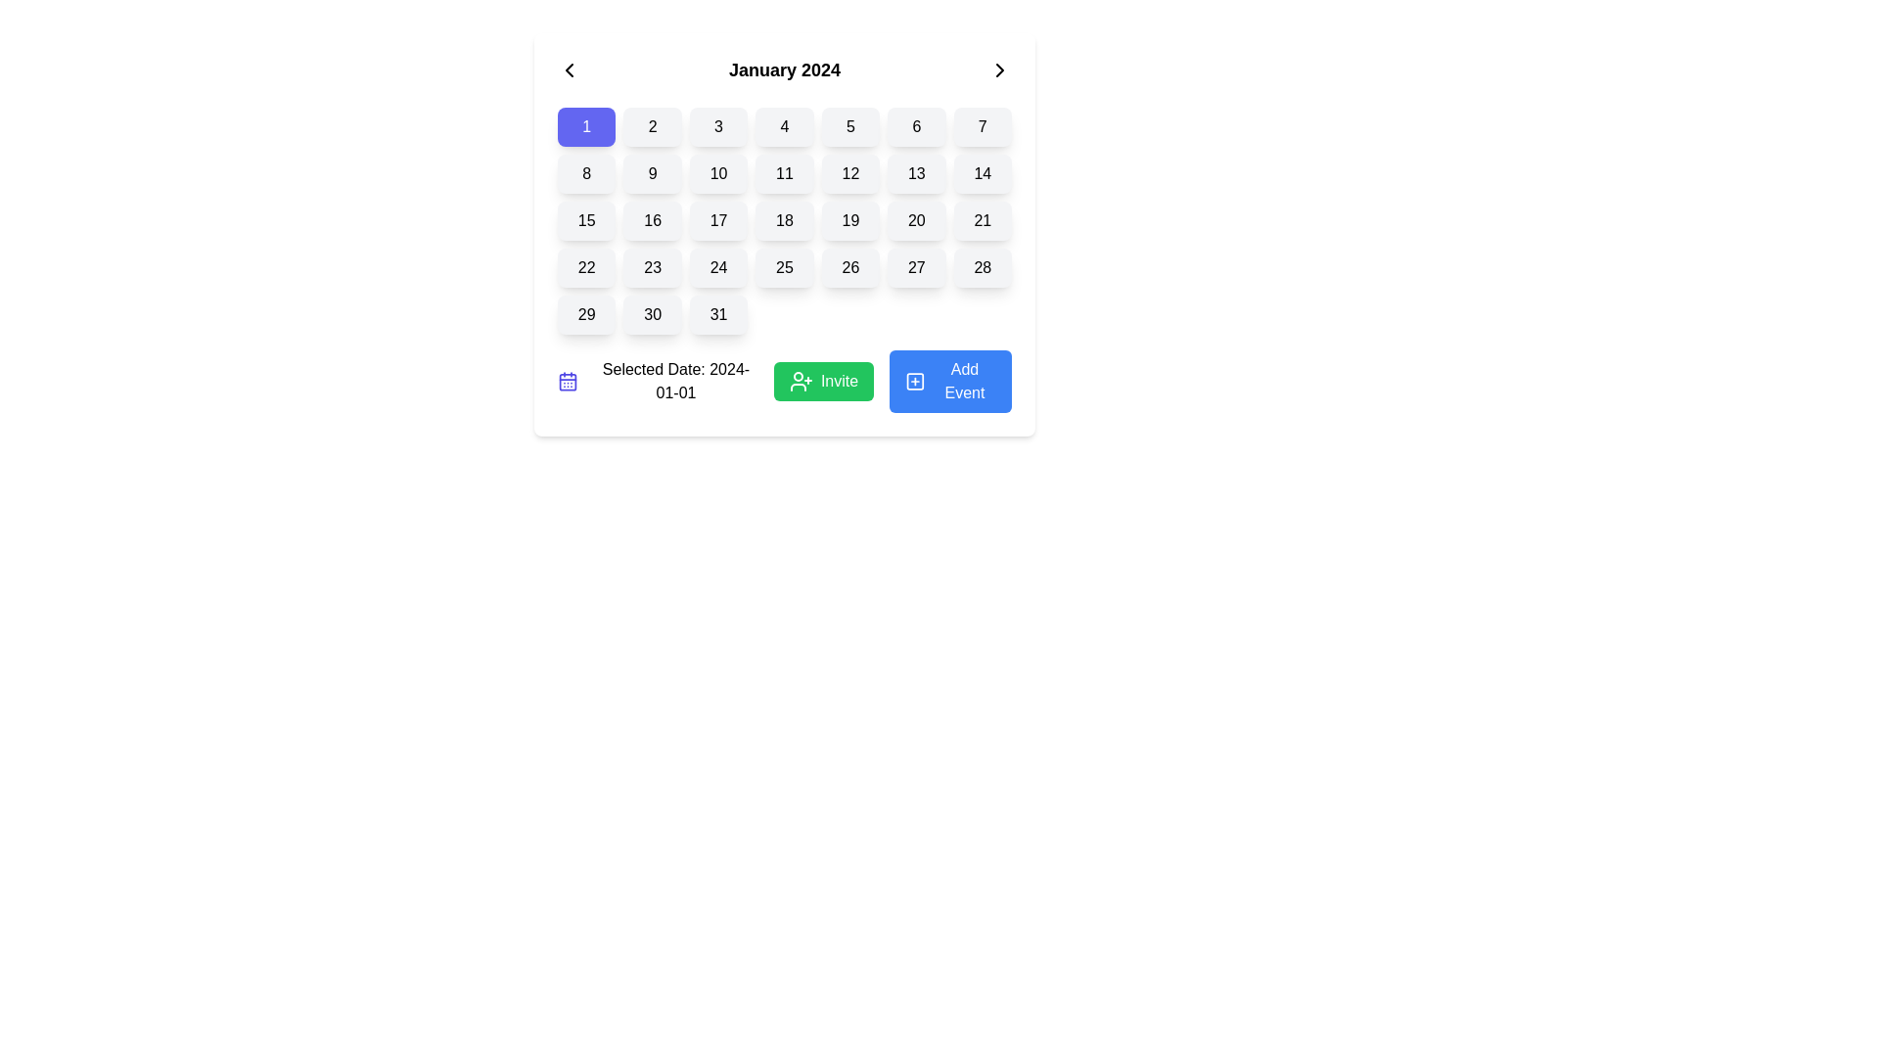 Image resolution: width=1879 pixels, height=1057 pixels. Describe the element at coordinates (717, 127) in the screenshot. I see `the rectangular button with rounded corners, displaying the digit '3' in black text, located in the first row and third cell of the calendar grid` at that location.